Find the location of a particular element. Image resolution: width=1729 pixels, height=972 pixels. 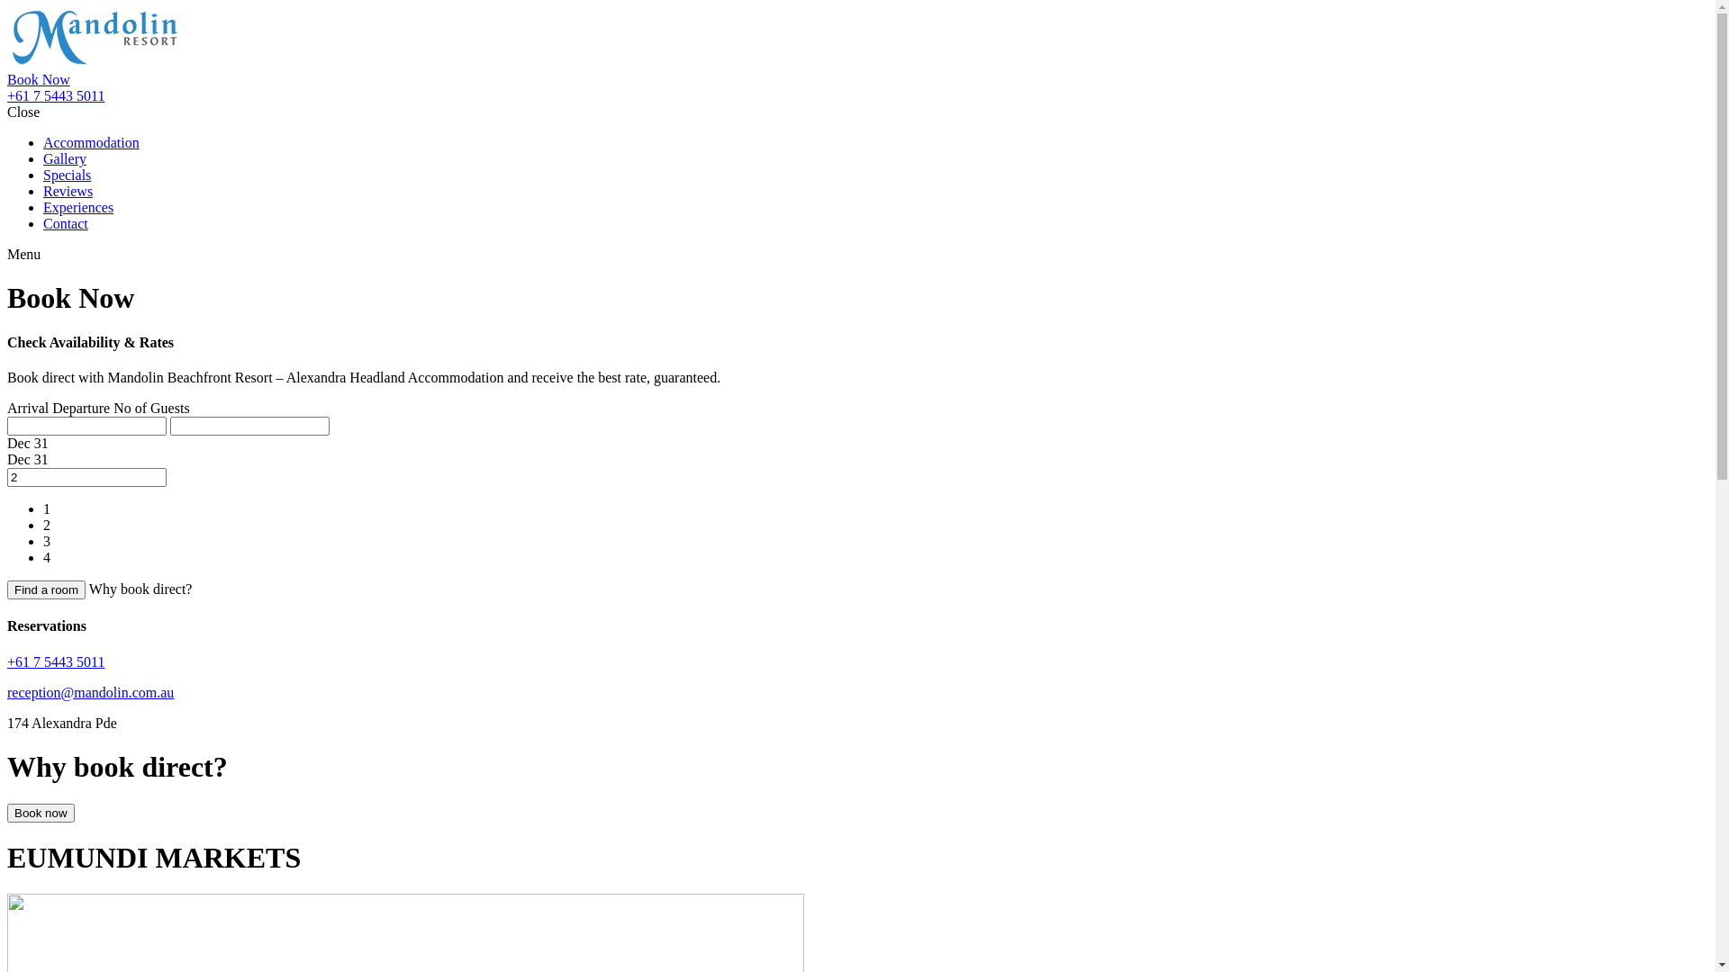

'Why book direct?' is located at coordinates (140, 589).